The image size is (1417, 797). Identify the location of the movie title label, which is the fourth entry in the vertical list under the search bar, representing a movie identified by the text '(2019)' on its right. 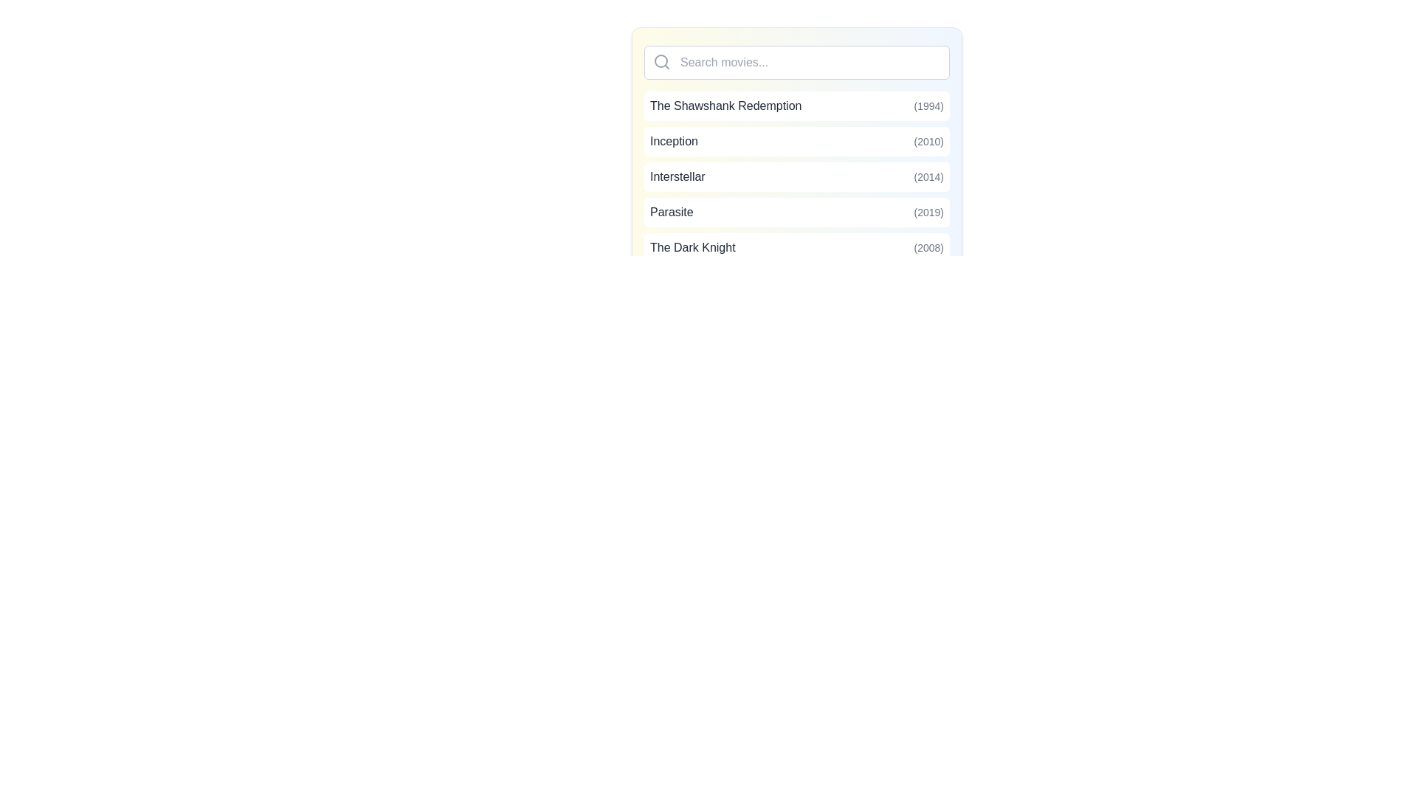
(671, 213).